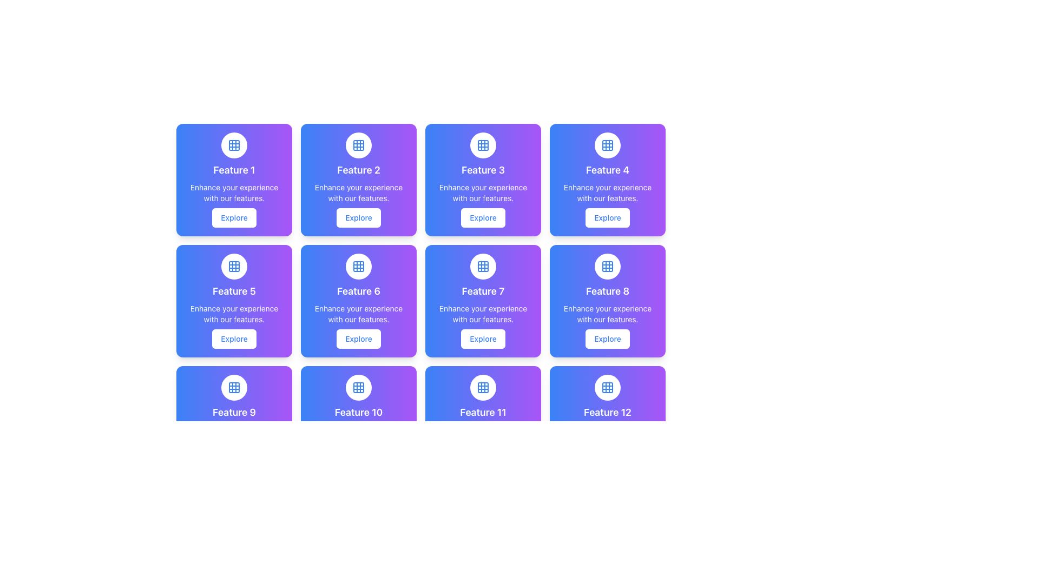 This screenshot has height=584, width=1039. Describe the element at coordinates (358, 145) in the screenshot. I see `the Decorative icon, a small square grid icon with a blue filled outer rectangle and internal grid lines, located in the header section of the Feature 2 card` at that location.